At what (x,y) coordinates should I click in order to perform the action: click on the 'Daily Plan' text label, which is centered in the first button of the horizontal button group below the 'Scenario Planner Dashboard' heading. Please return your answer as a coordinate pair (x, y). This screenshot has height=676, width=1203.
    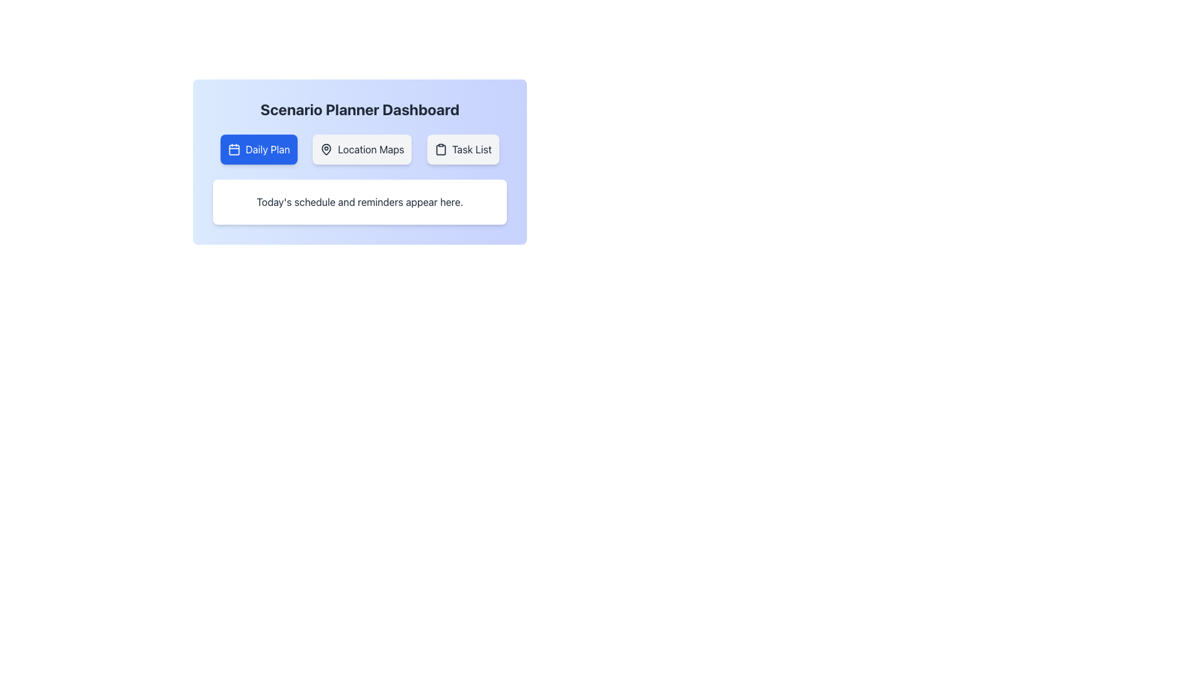
    Looking at the image, I should click on (267, 149).